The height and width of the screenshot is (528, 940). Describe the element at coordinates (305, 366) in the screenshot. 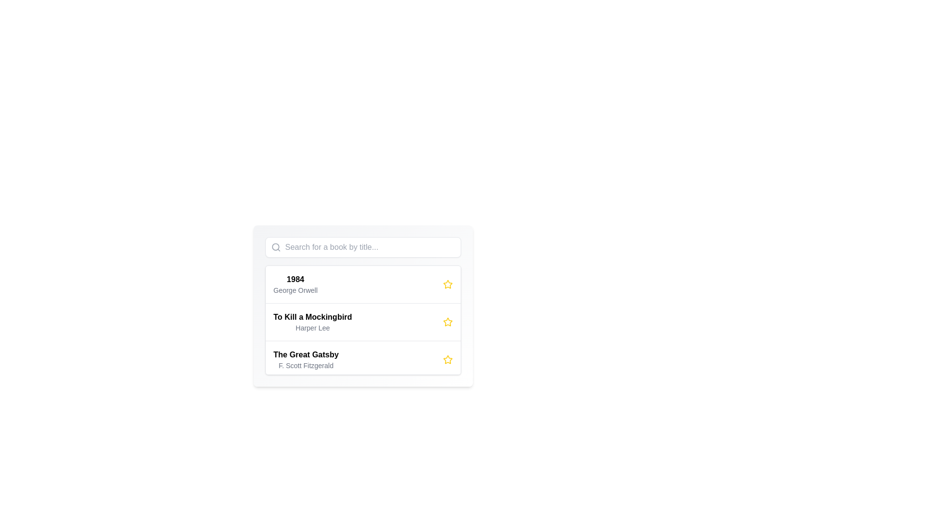

I see `text label displaying the author's name 'F. Scott Fitzgerald' located below the title 'The Great Gatsby' in the book listing interface` at that location.